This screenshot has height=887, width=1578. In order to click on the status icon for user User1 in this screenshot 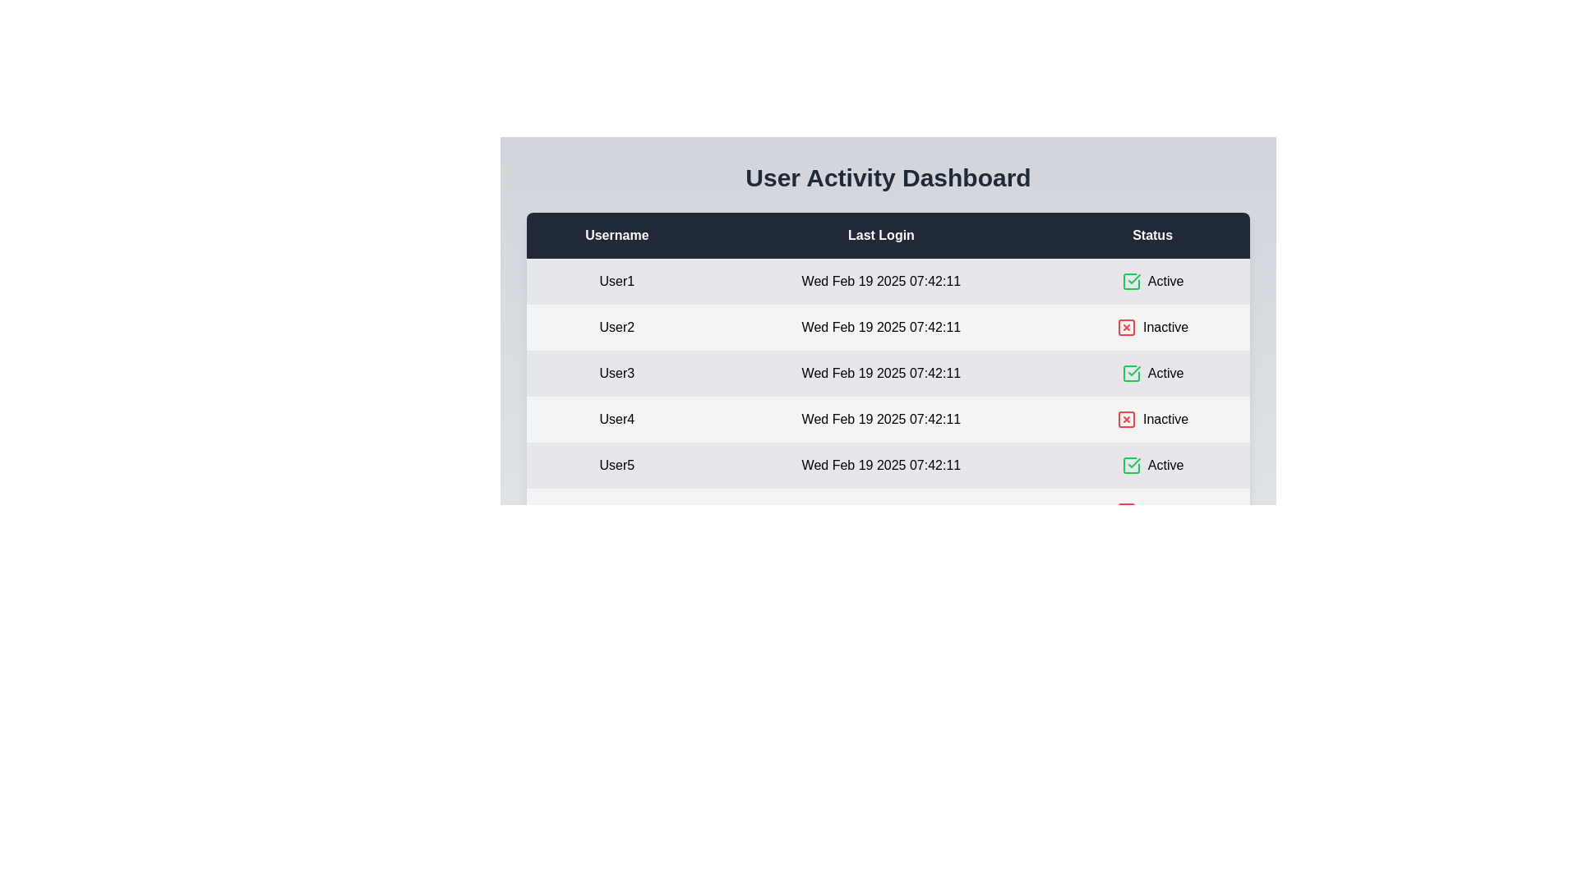, I will do `click(1130, 281)`.